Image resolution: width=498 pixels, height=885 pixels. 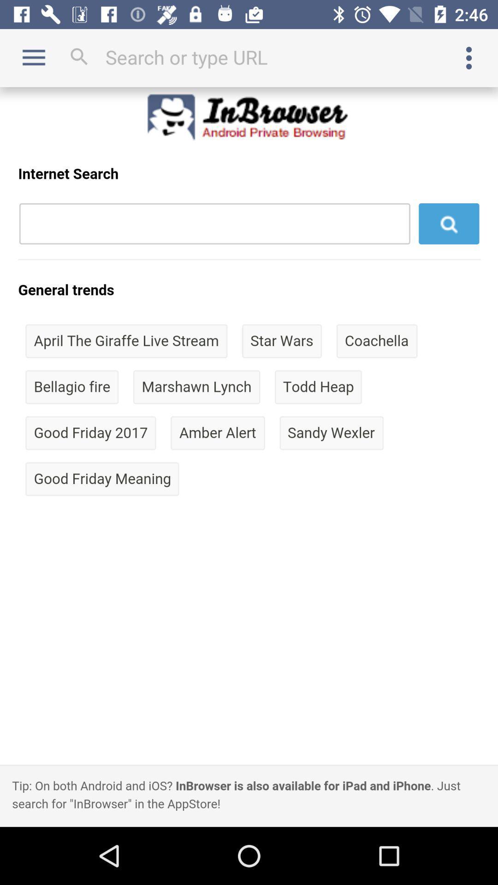 I want to click on browser settings, so click(x=469, y=57).